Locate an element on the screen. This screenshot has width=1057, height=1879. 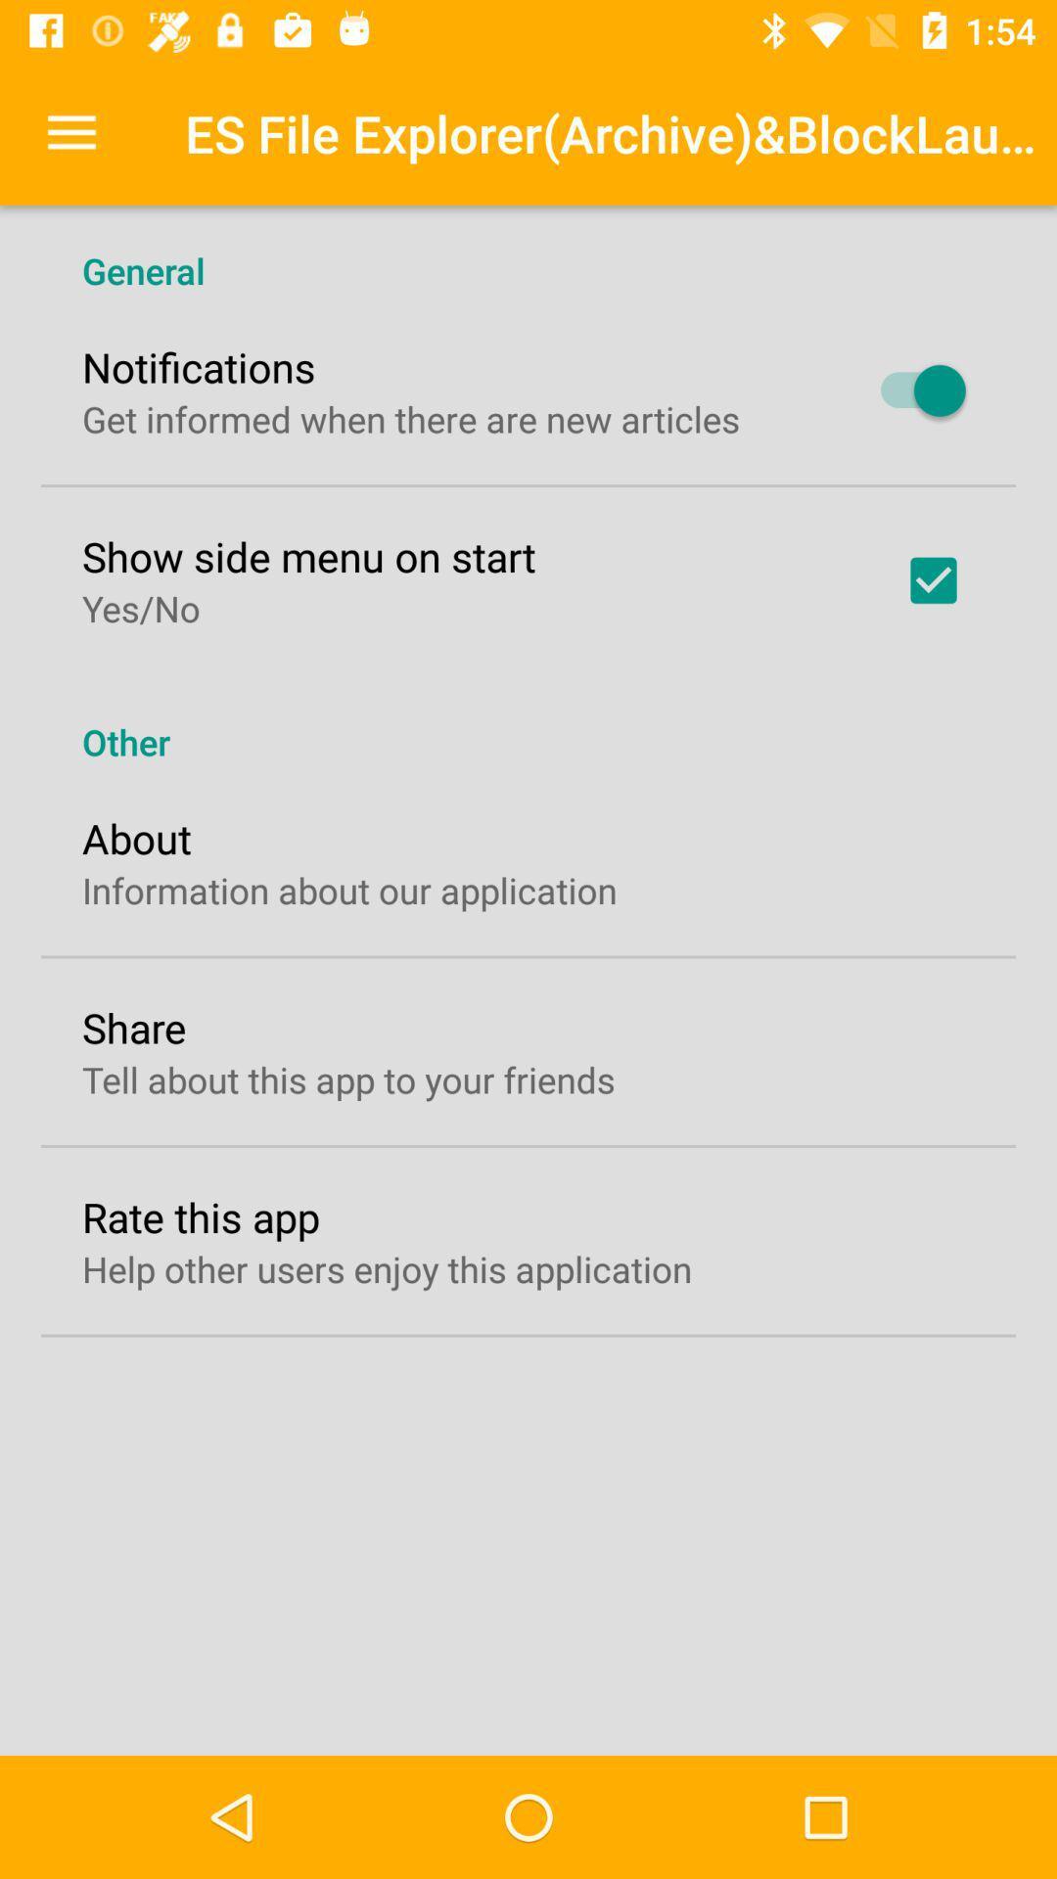
the item next to get informed when item is located at coordinates (913, 390).